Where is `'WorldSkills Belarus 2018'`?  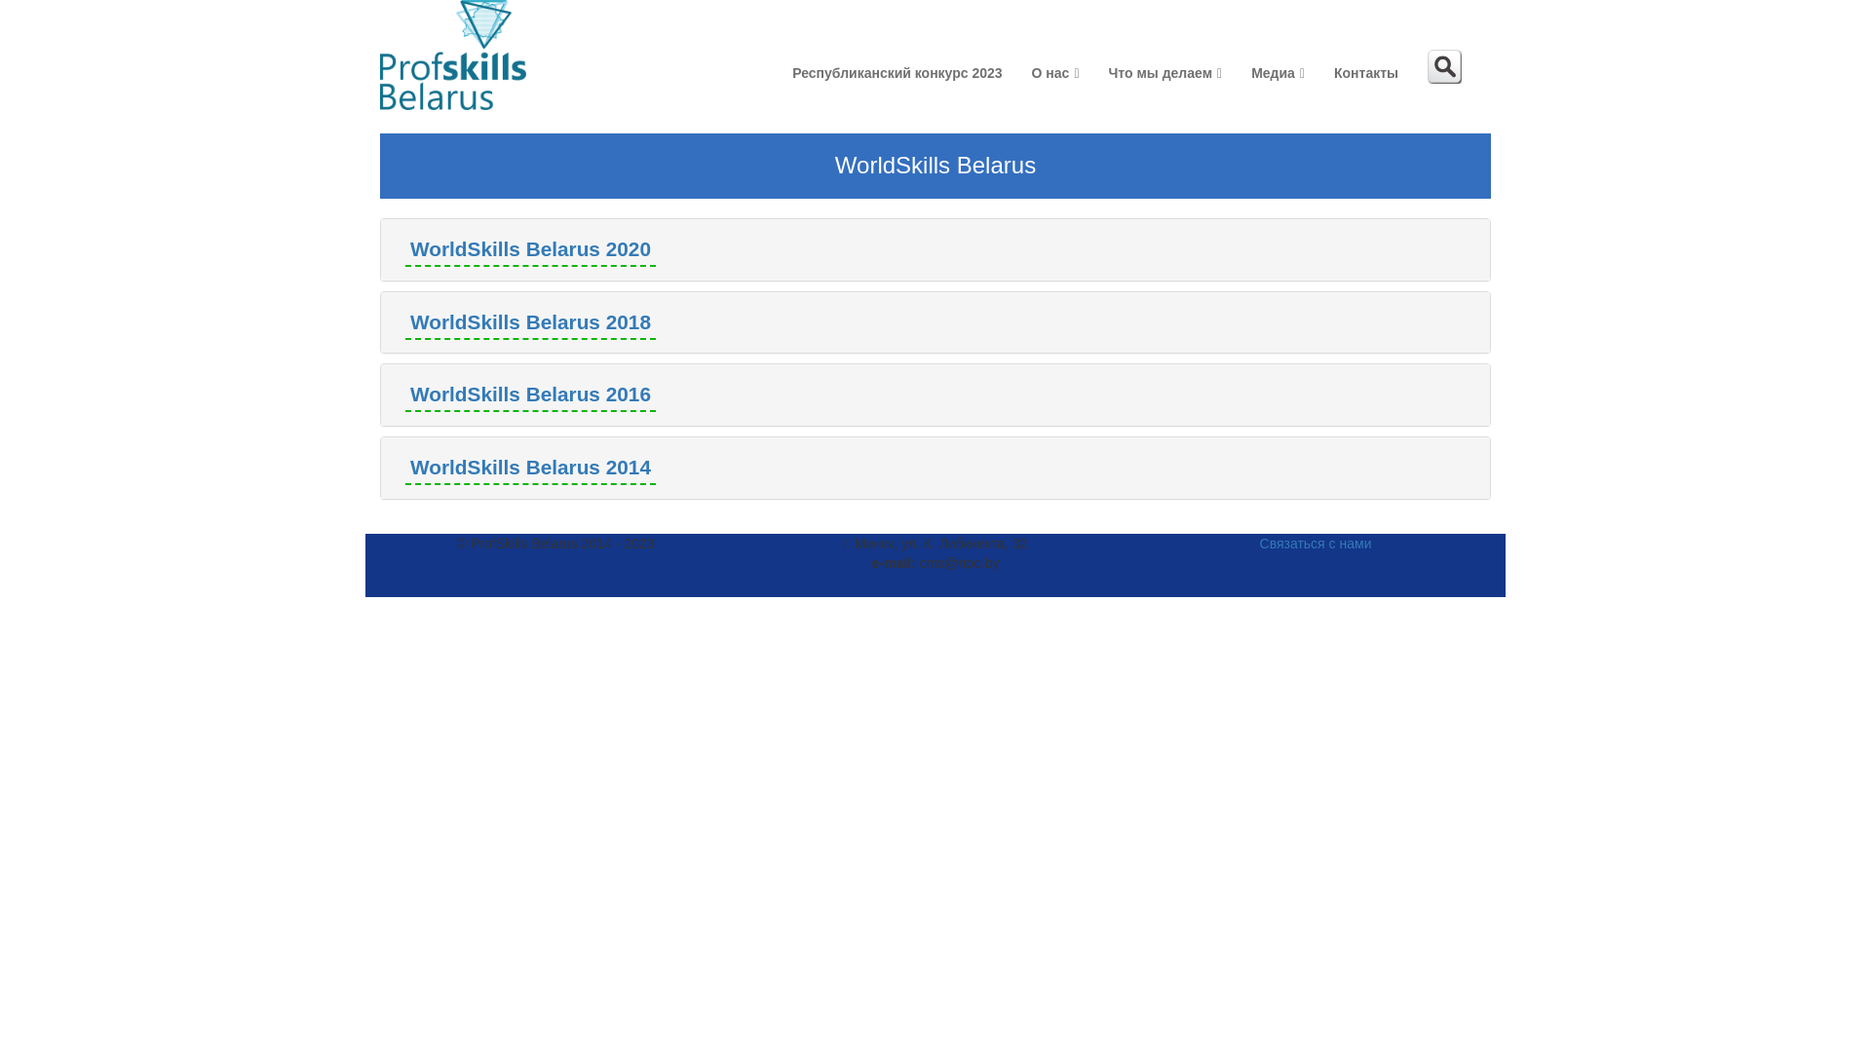
'WorldSkills Belarus 2018' is located at coordinates (404, 321).